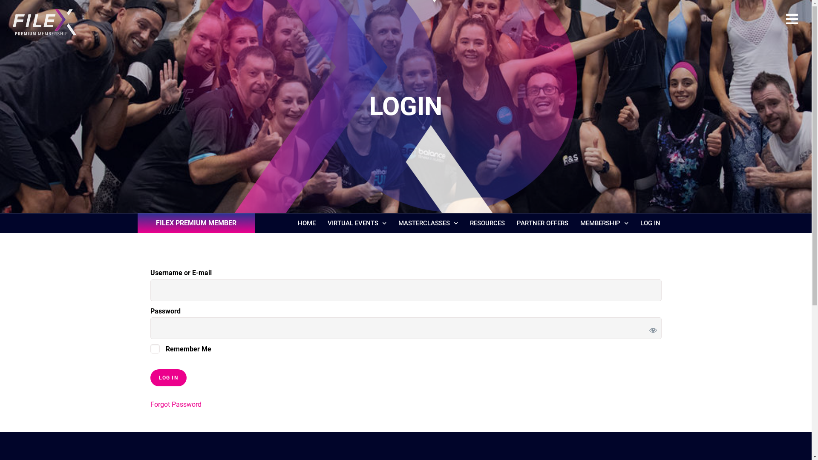 This screenshot has height=460, width=818. I want to click on 'FILEX PREMIUM MEMBER', so click(196, 222).